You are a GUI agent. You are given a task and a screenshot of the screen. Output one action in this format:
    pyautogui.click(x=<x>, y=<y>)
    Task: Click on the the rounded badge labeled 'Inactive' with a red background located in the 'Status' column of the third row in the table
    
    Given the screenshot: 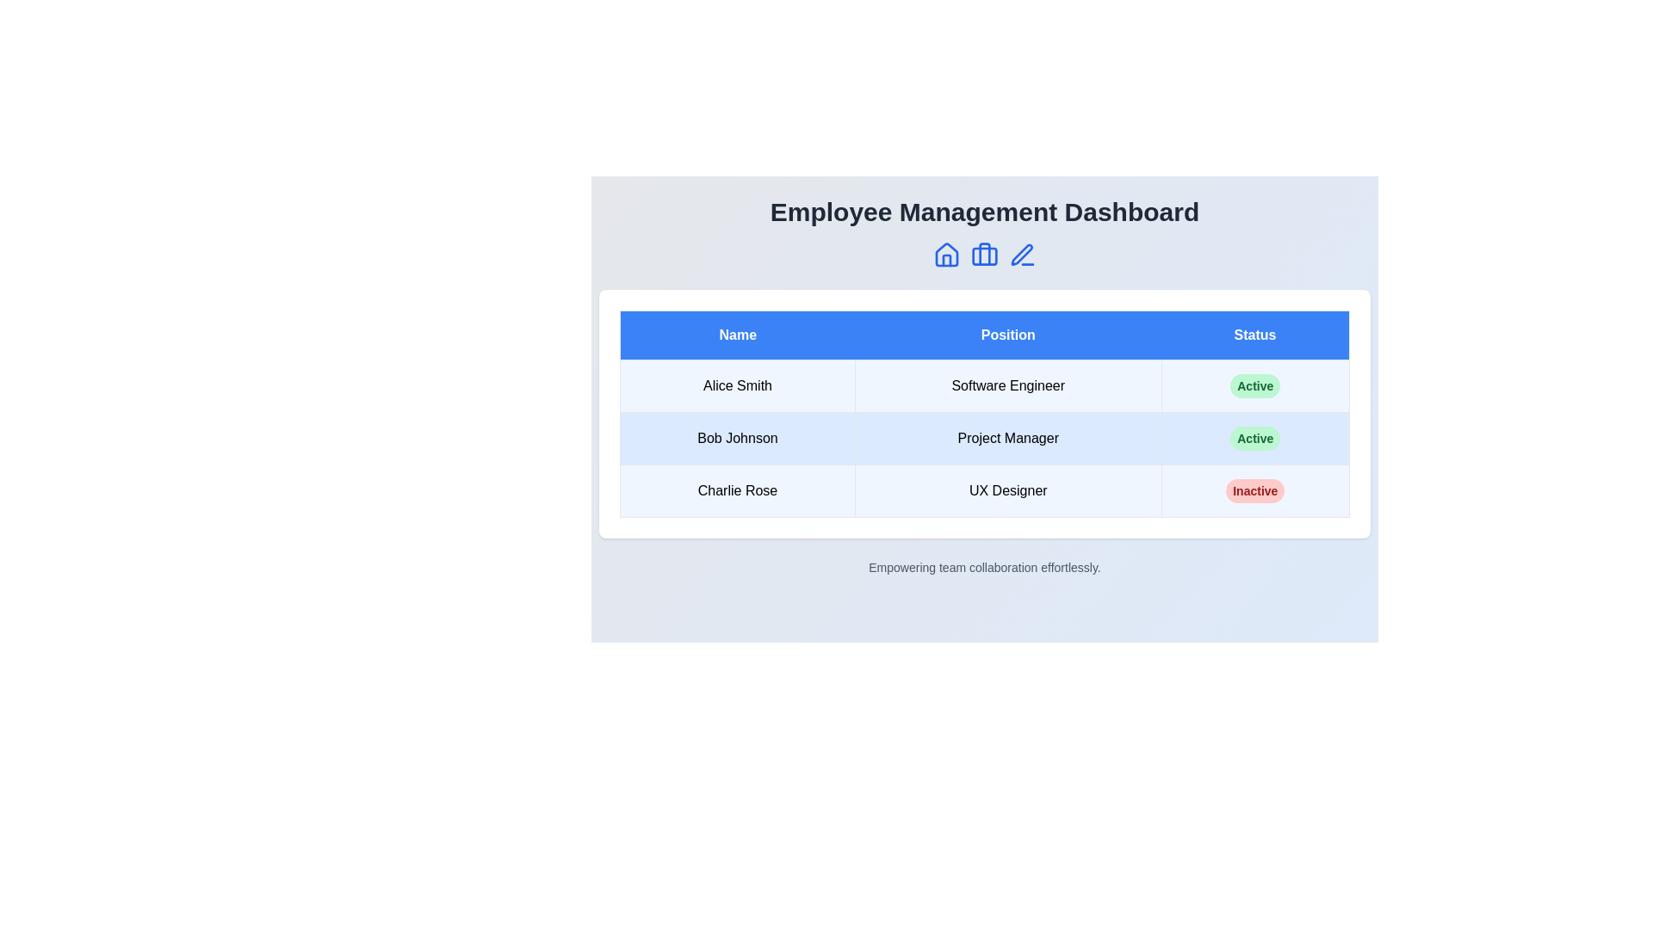 What is the action you would take?
    pyautogui.click(x=1255, y=490)
    